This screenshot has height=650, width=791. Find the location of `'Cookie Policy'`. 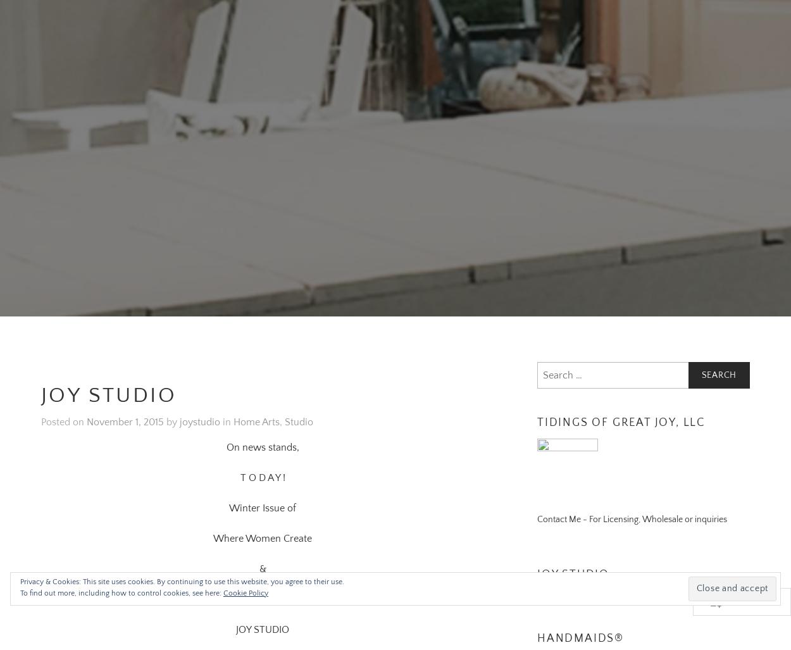

'Cookie Policy' is located at coordinates (223, 593).